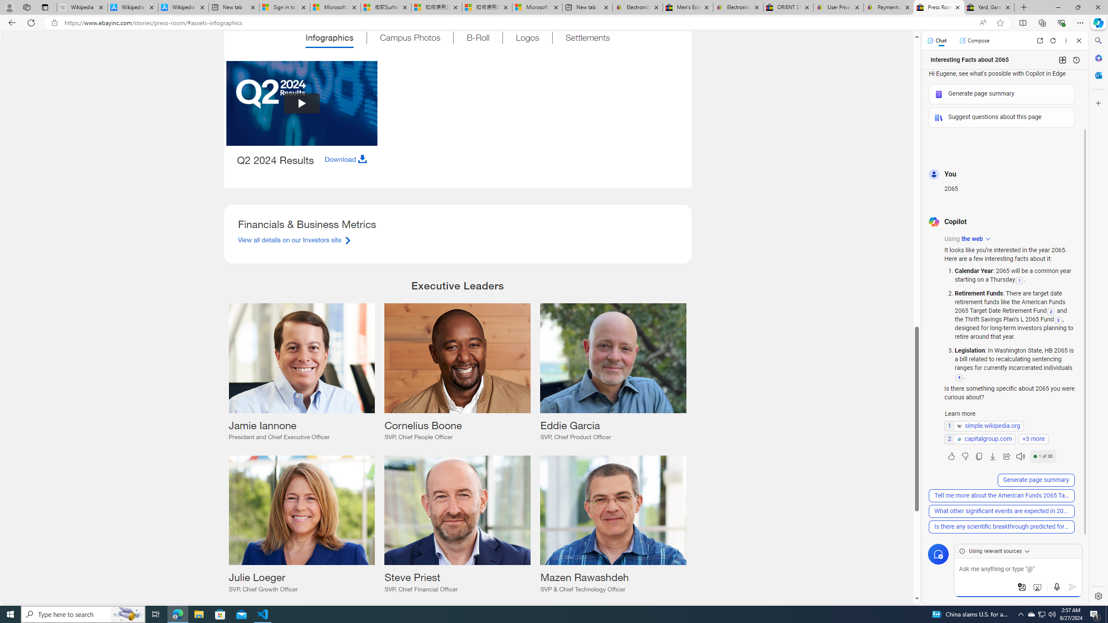 This screenshot has width=1108, height=623. What do you see at coordinates (938, 7) in the screenshot?
I see `'Press Room - eBay Inc.'` at bounding box center [938, 7].